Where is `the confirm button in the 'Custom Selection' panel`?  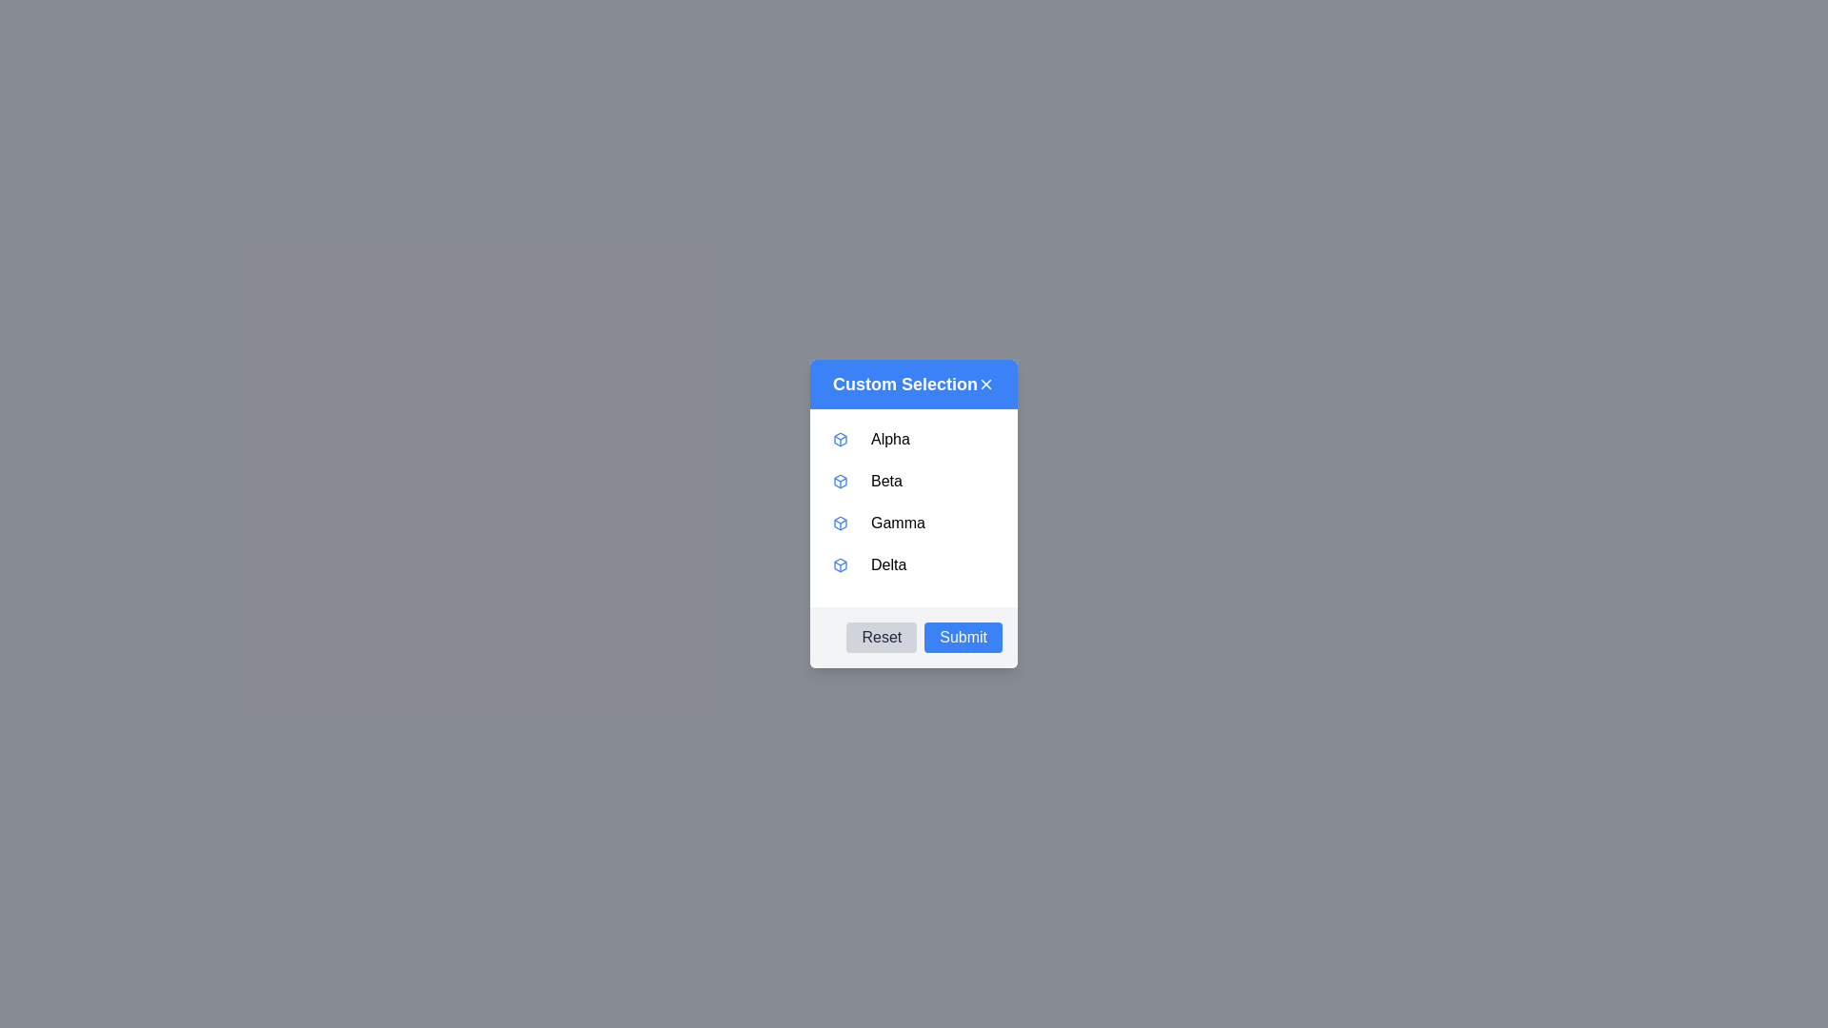
the confirm button in the 'Custom Selection' panel is located at coordinates (964, 638).